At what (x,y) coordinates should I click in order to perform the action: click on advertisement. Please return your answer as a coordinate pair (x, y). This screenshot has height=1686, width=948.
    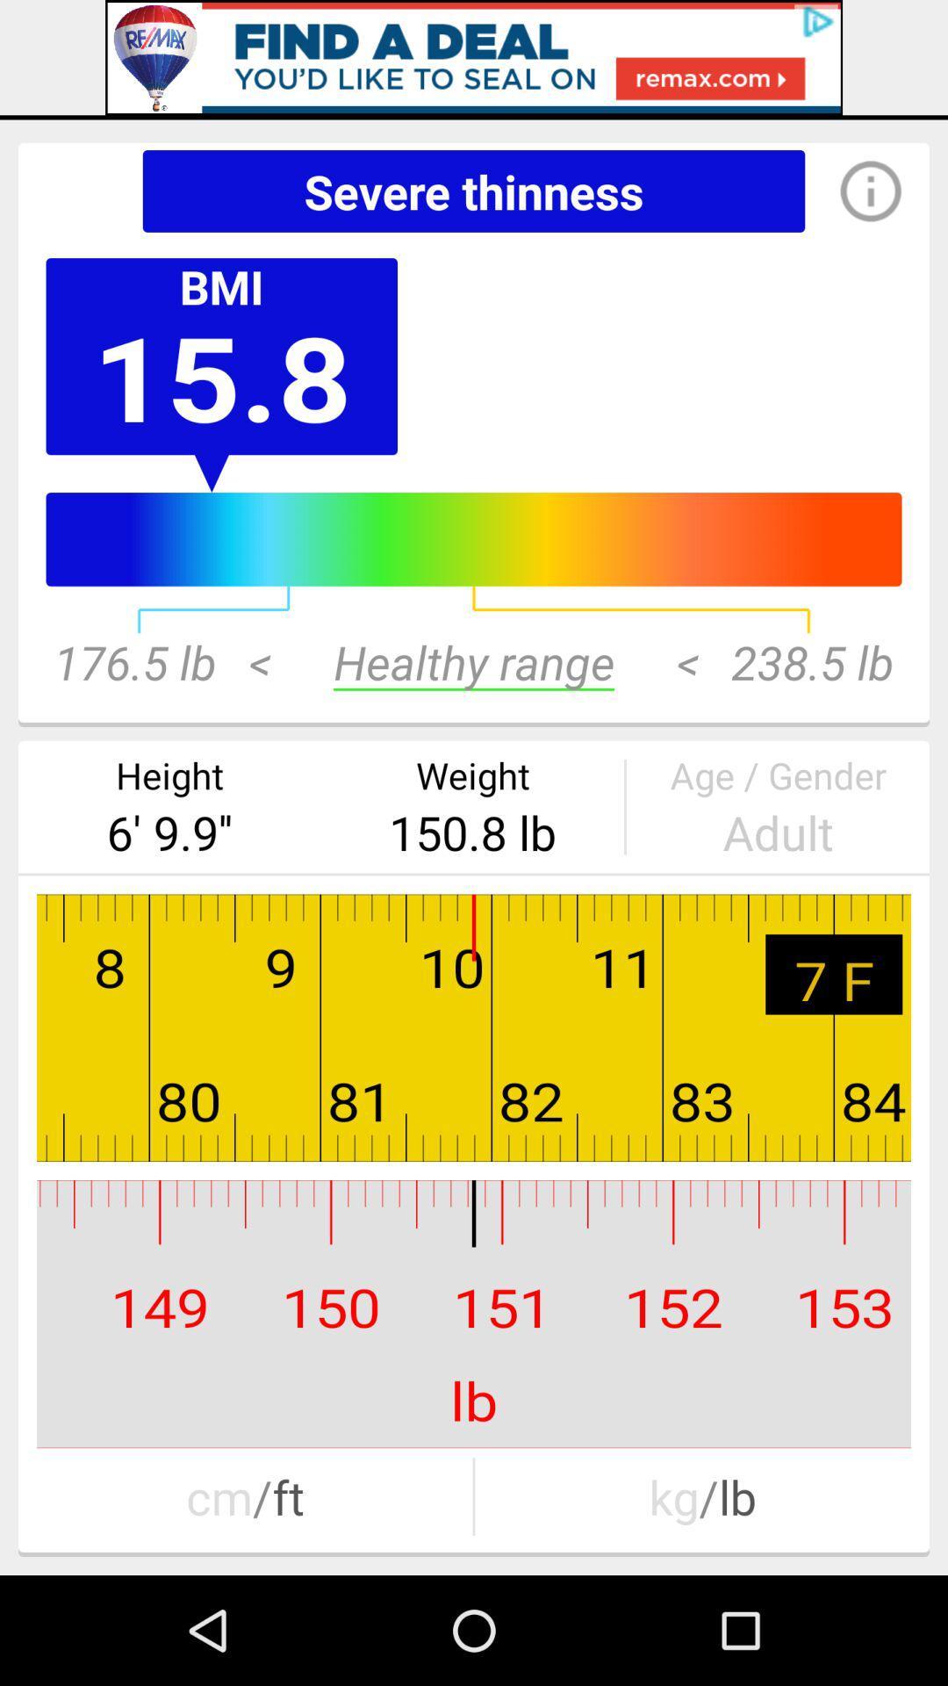
    Looking at the image, I should click on (474, 57).